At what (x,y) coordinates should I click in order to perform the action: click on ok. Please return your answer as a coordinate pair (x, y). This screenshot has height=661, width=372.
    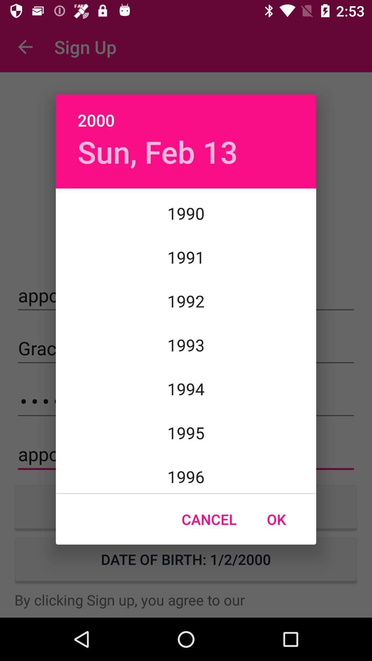
    Looking at the image, I should click on (276, 519).